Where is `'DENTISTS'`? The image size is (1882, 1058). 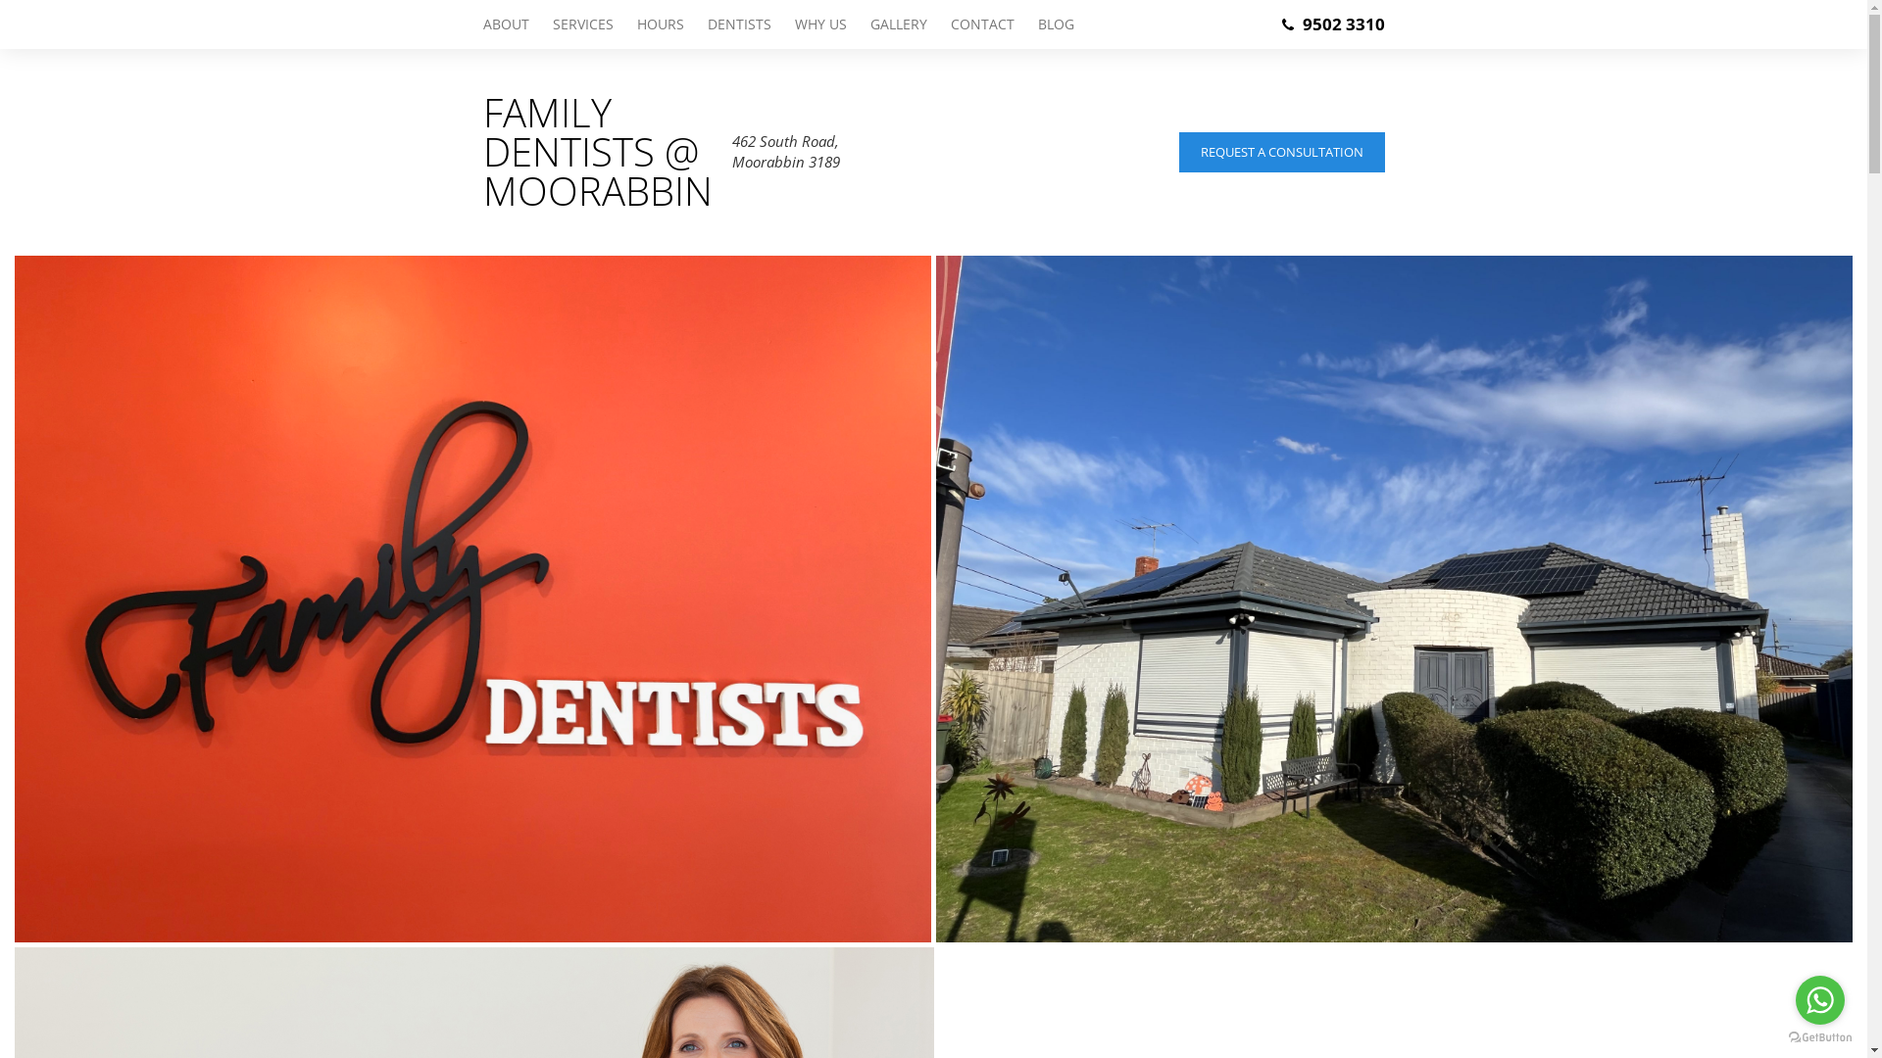 'DENTISTS' is located at coordinates (696, 24).